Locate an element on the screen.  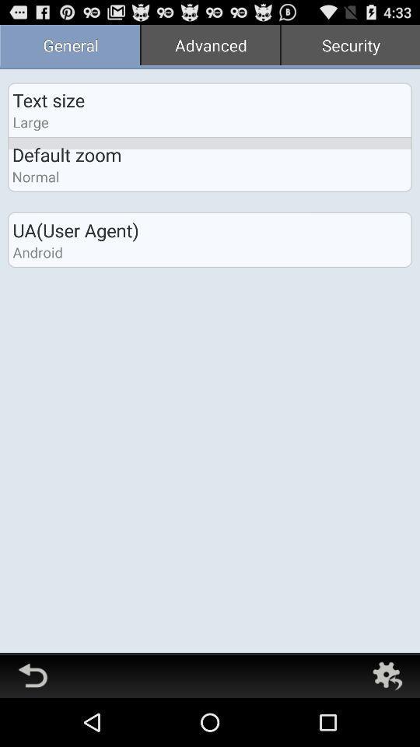
default zoom item is located at coordinates (66, 154).